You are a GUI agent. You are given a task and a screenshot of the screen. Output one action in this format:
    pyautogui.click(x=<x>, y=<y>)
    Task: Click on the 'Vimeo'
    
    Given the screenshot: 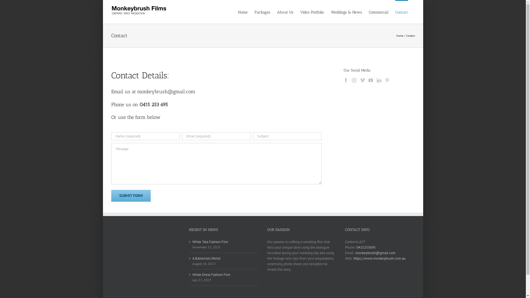 What is the action you would take?
    pyautogui.click(x=362, y=80)
    